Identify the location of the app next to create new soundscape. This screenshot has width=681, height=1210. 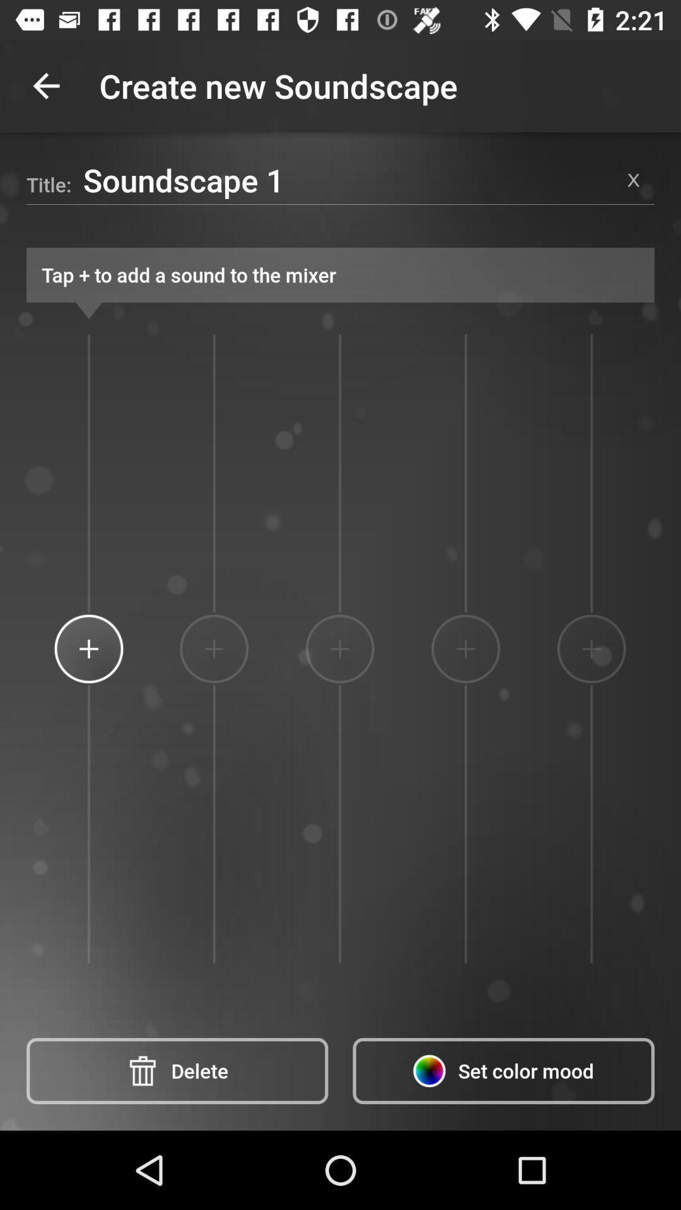
(45, 85).